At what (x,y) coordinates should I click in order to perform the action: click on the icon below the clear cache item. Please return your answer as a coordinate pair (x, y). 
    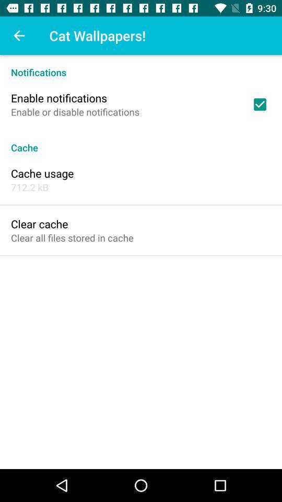
    Looking at the image, I should click on (72, 237).